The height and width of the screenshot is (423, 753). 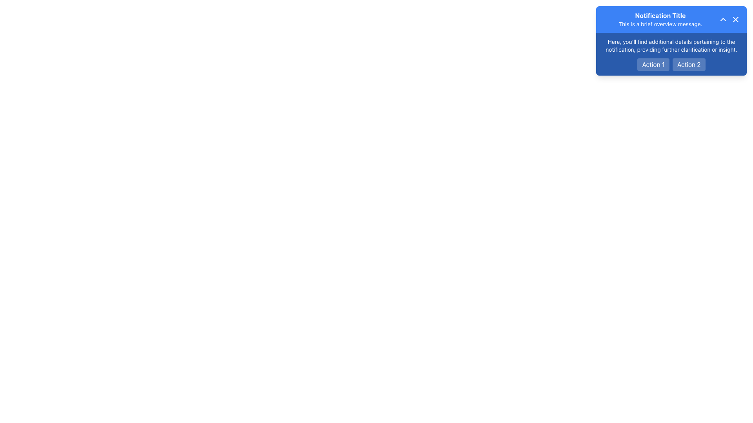 I want to click on the close button located at the upper right corner of the notification card, so click(x=735, y=19).